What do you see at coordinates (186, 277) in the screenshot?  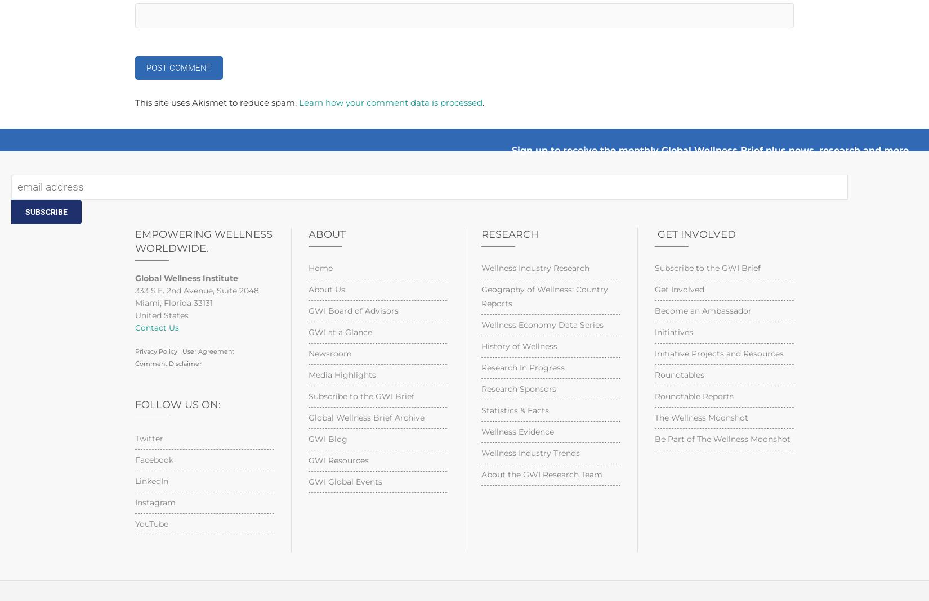 I see `'Global Wellness Institute'` at bounding box center [186, 277].